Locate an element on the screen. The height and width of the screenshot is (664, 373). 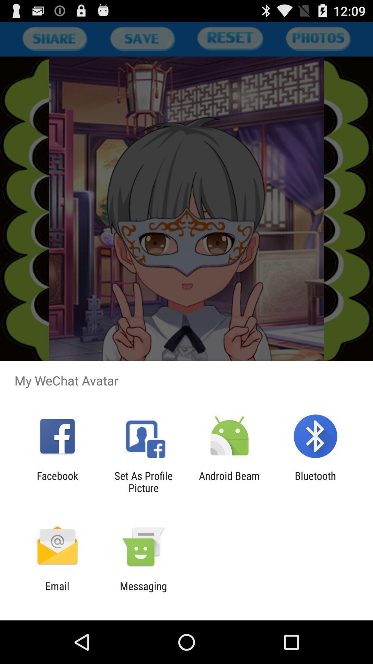
app next to the facebook app is located at coordinates (143, 481).